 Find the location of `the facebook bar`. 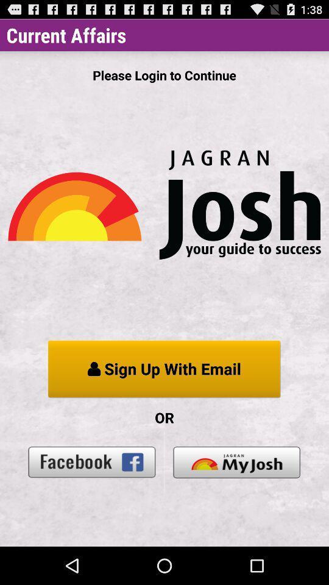

the facebook bar is located at coordinates (91, 461).